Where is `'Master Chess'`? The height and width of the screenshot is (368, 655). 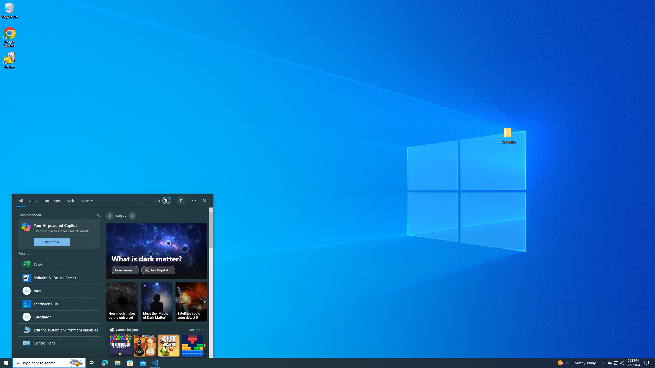
'Master Chess' is located at coordinates (144, 350).